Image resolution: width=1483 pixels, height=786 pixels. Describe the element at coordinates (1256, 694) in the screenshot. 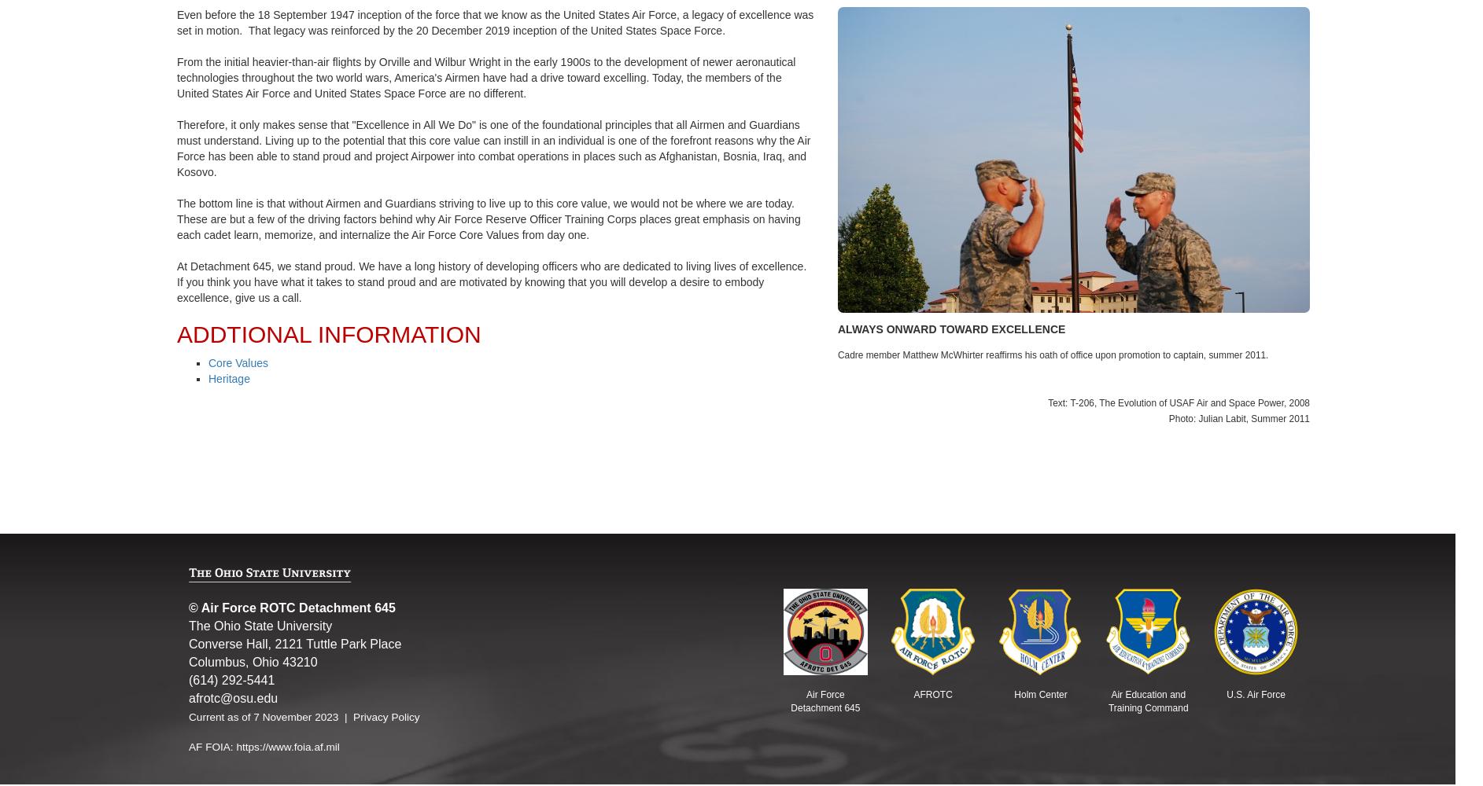

I see `'U.S. Air Force'` at that location.